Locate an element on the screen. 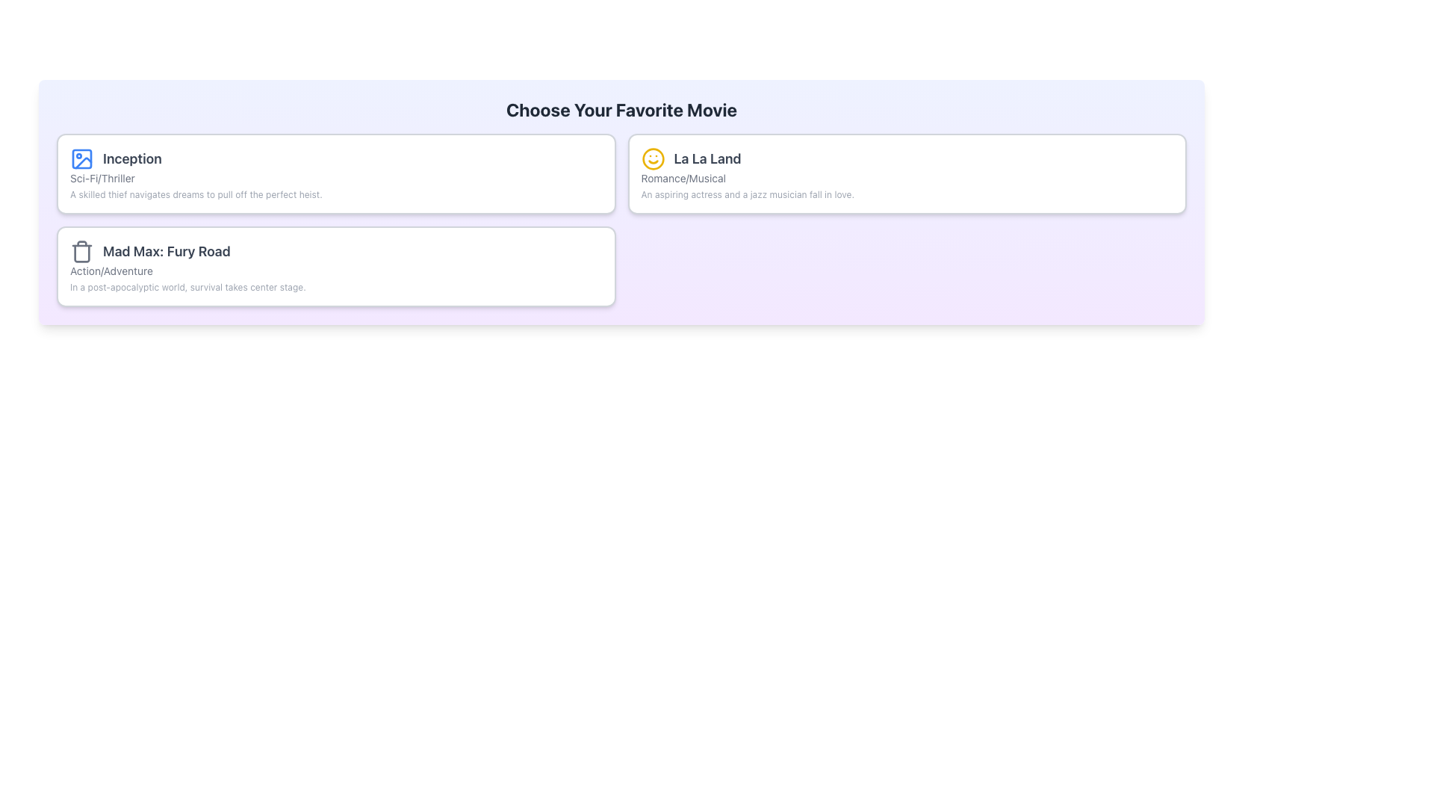 The height and width of the screenshot is (807, 1434). the static text element that represents the movie title, located on the left side adjacent to the left-side graphical icon of the movie item is located at coordinates (132, 158).